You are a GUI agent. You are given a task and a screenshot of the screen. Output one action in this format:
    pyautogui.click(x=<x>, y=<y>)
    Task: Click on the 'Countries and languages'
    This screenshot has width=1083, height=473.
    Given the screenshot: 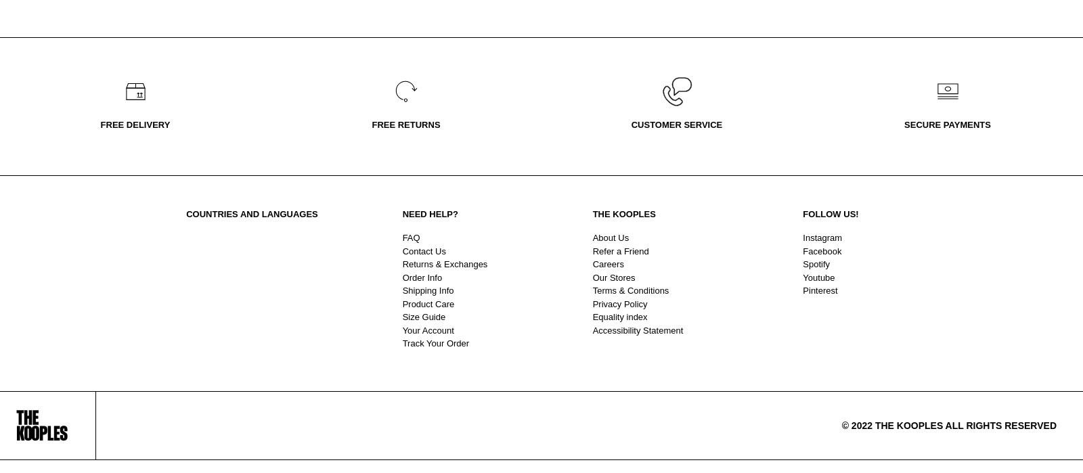 What is the action you would take?
    pyautogui.click(x=252, y=214)
    